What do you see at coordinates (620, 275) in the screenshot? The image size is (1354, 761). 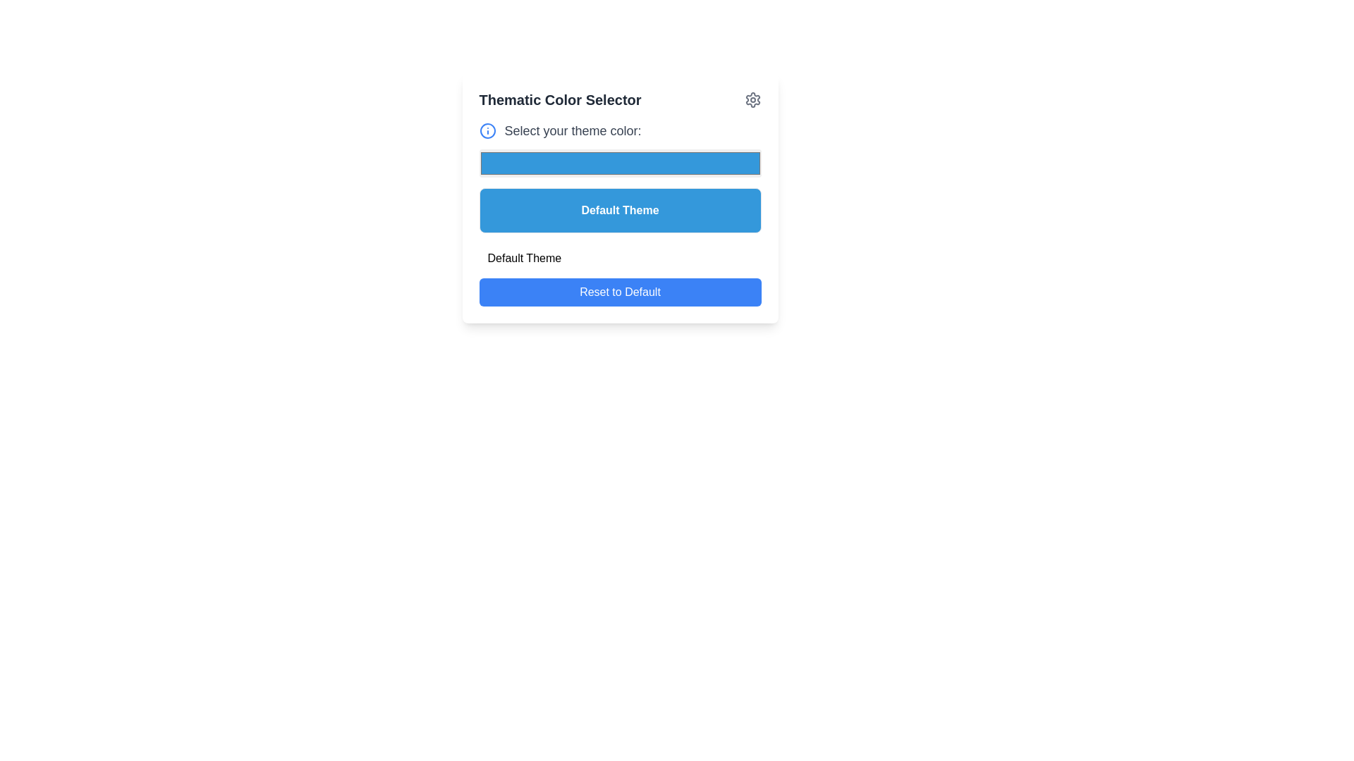 I see `the reset button located below the 'Default Theme' element to reset the settings to their default values` at bounding box center [620, 275].